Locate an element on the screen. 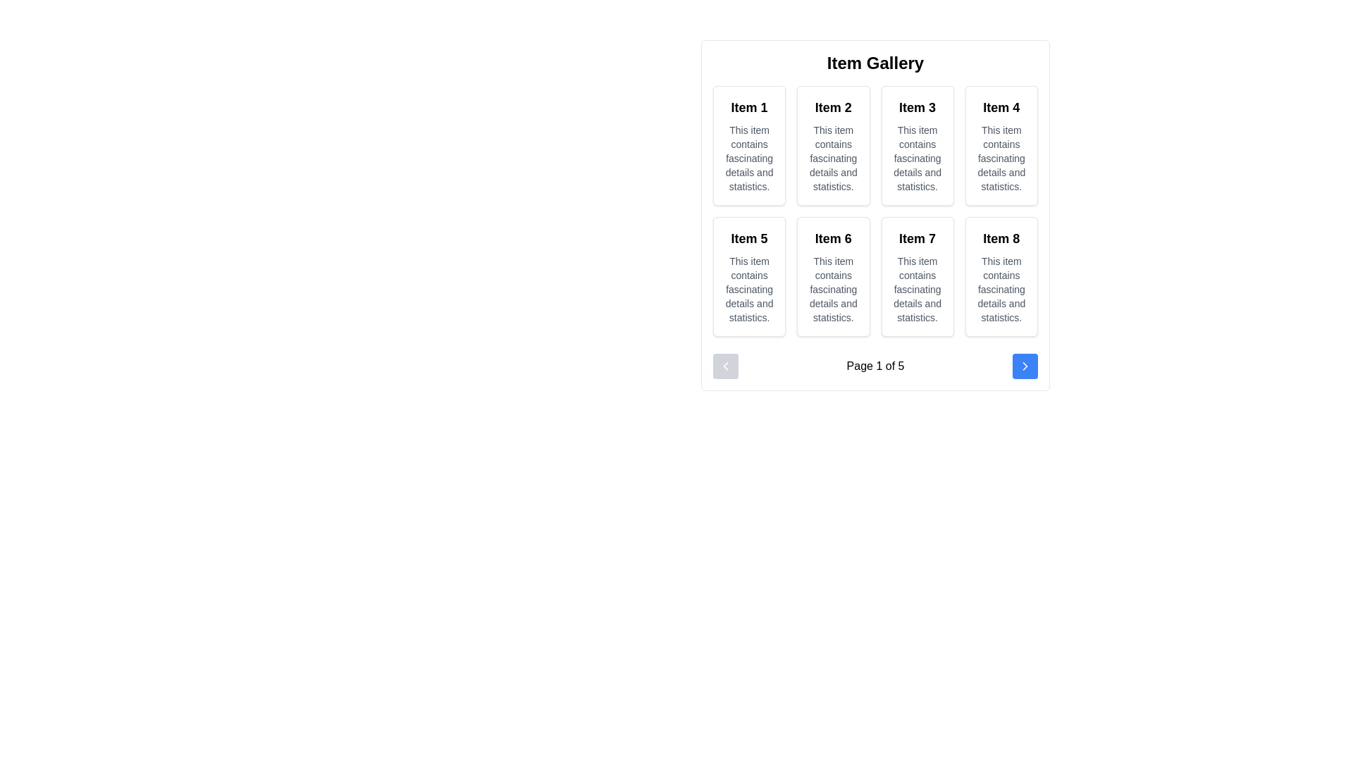 Image resolution: width=1353 pixels, height=761 pixels. the text element that displays the current page number and total number of pages in the pagination system is located at coordinates (875, 366).